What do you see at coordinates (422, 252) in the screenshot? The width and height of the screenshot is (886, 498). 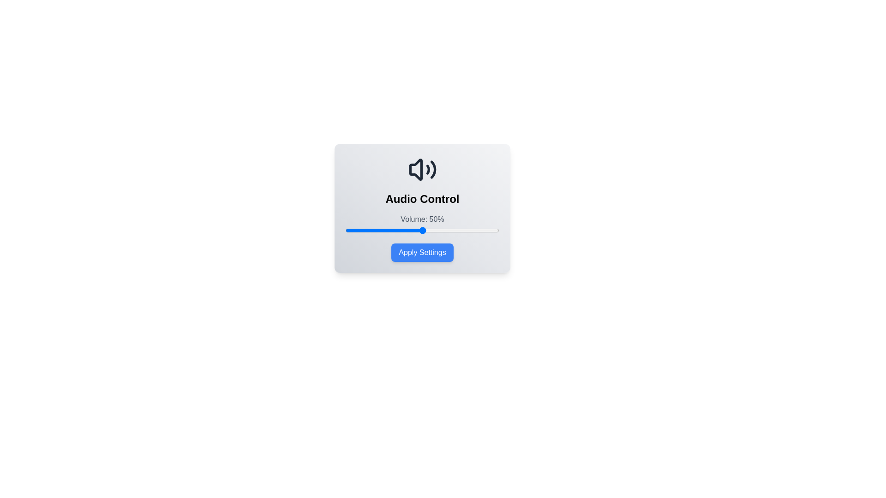 I see `the 'Apply Settings' button` at bounding box center [422, 252].